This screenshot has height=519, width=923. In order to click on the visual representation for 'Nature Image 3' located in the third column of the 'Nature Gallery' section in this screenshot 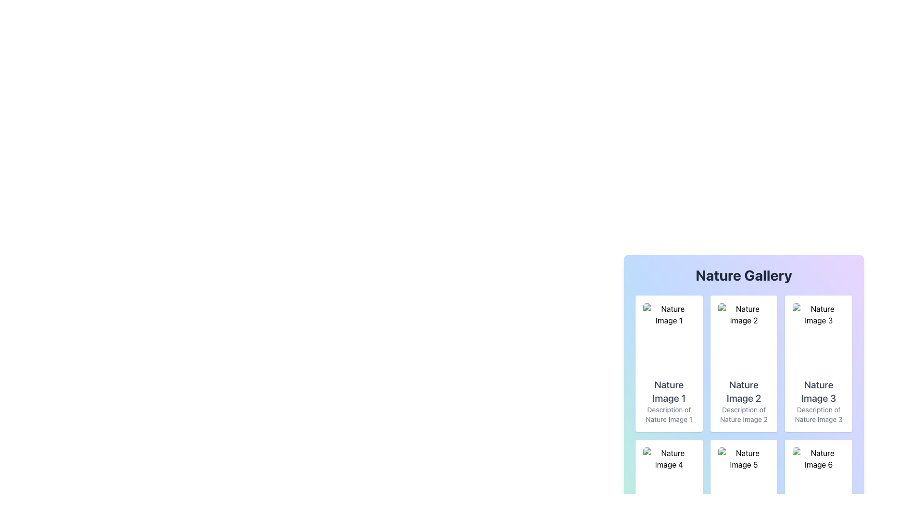, I will do `click(818, 337)`.